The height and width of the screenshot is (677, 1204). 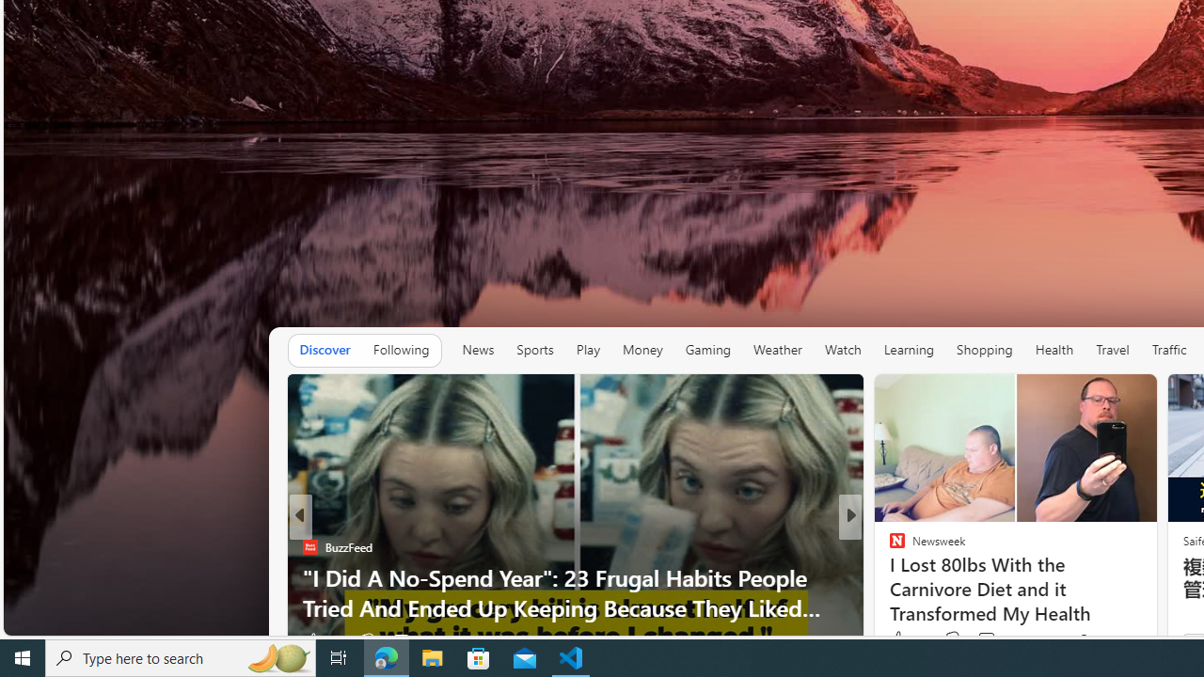 I want to click on '57 Like', so click(x=898, y=639).